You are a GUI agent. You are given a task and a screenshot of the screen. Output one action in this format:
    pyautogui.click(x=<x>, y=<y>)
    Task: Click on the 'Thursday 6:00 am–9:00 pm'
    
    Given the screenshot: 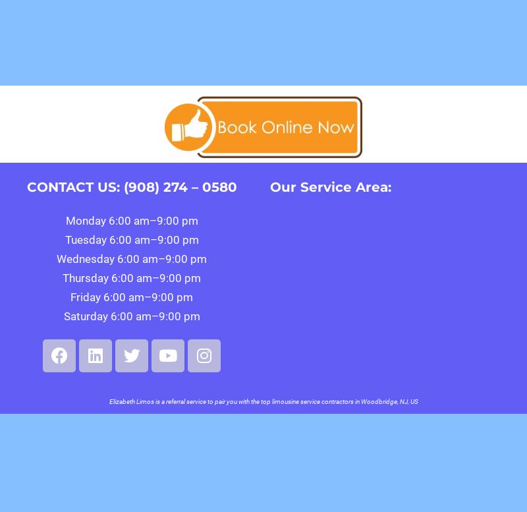 What is the action you would take?
    pyautogui.click(x=132, y=276)
    